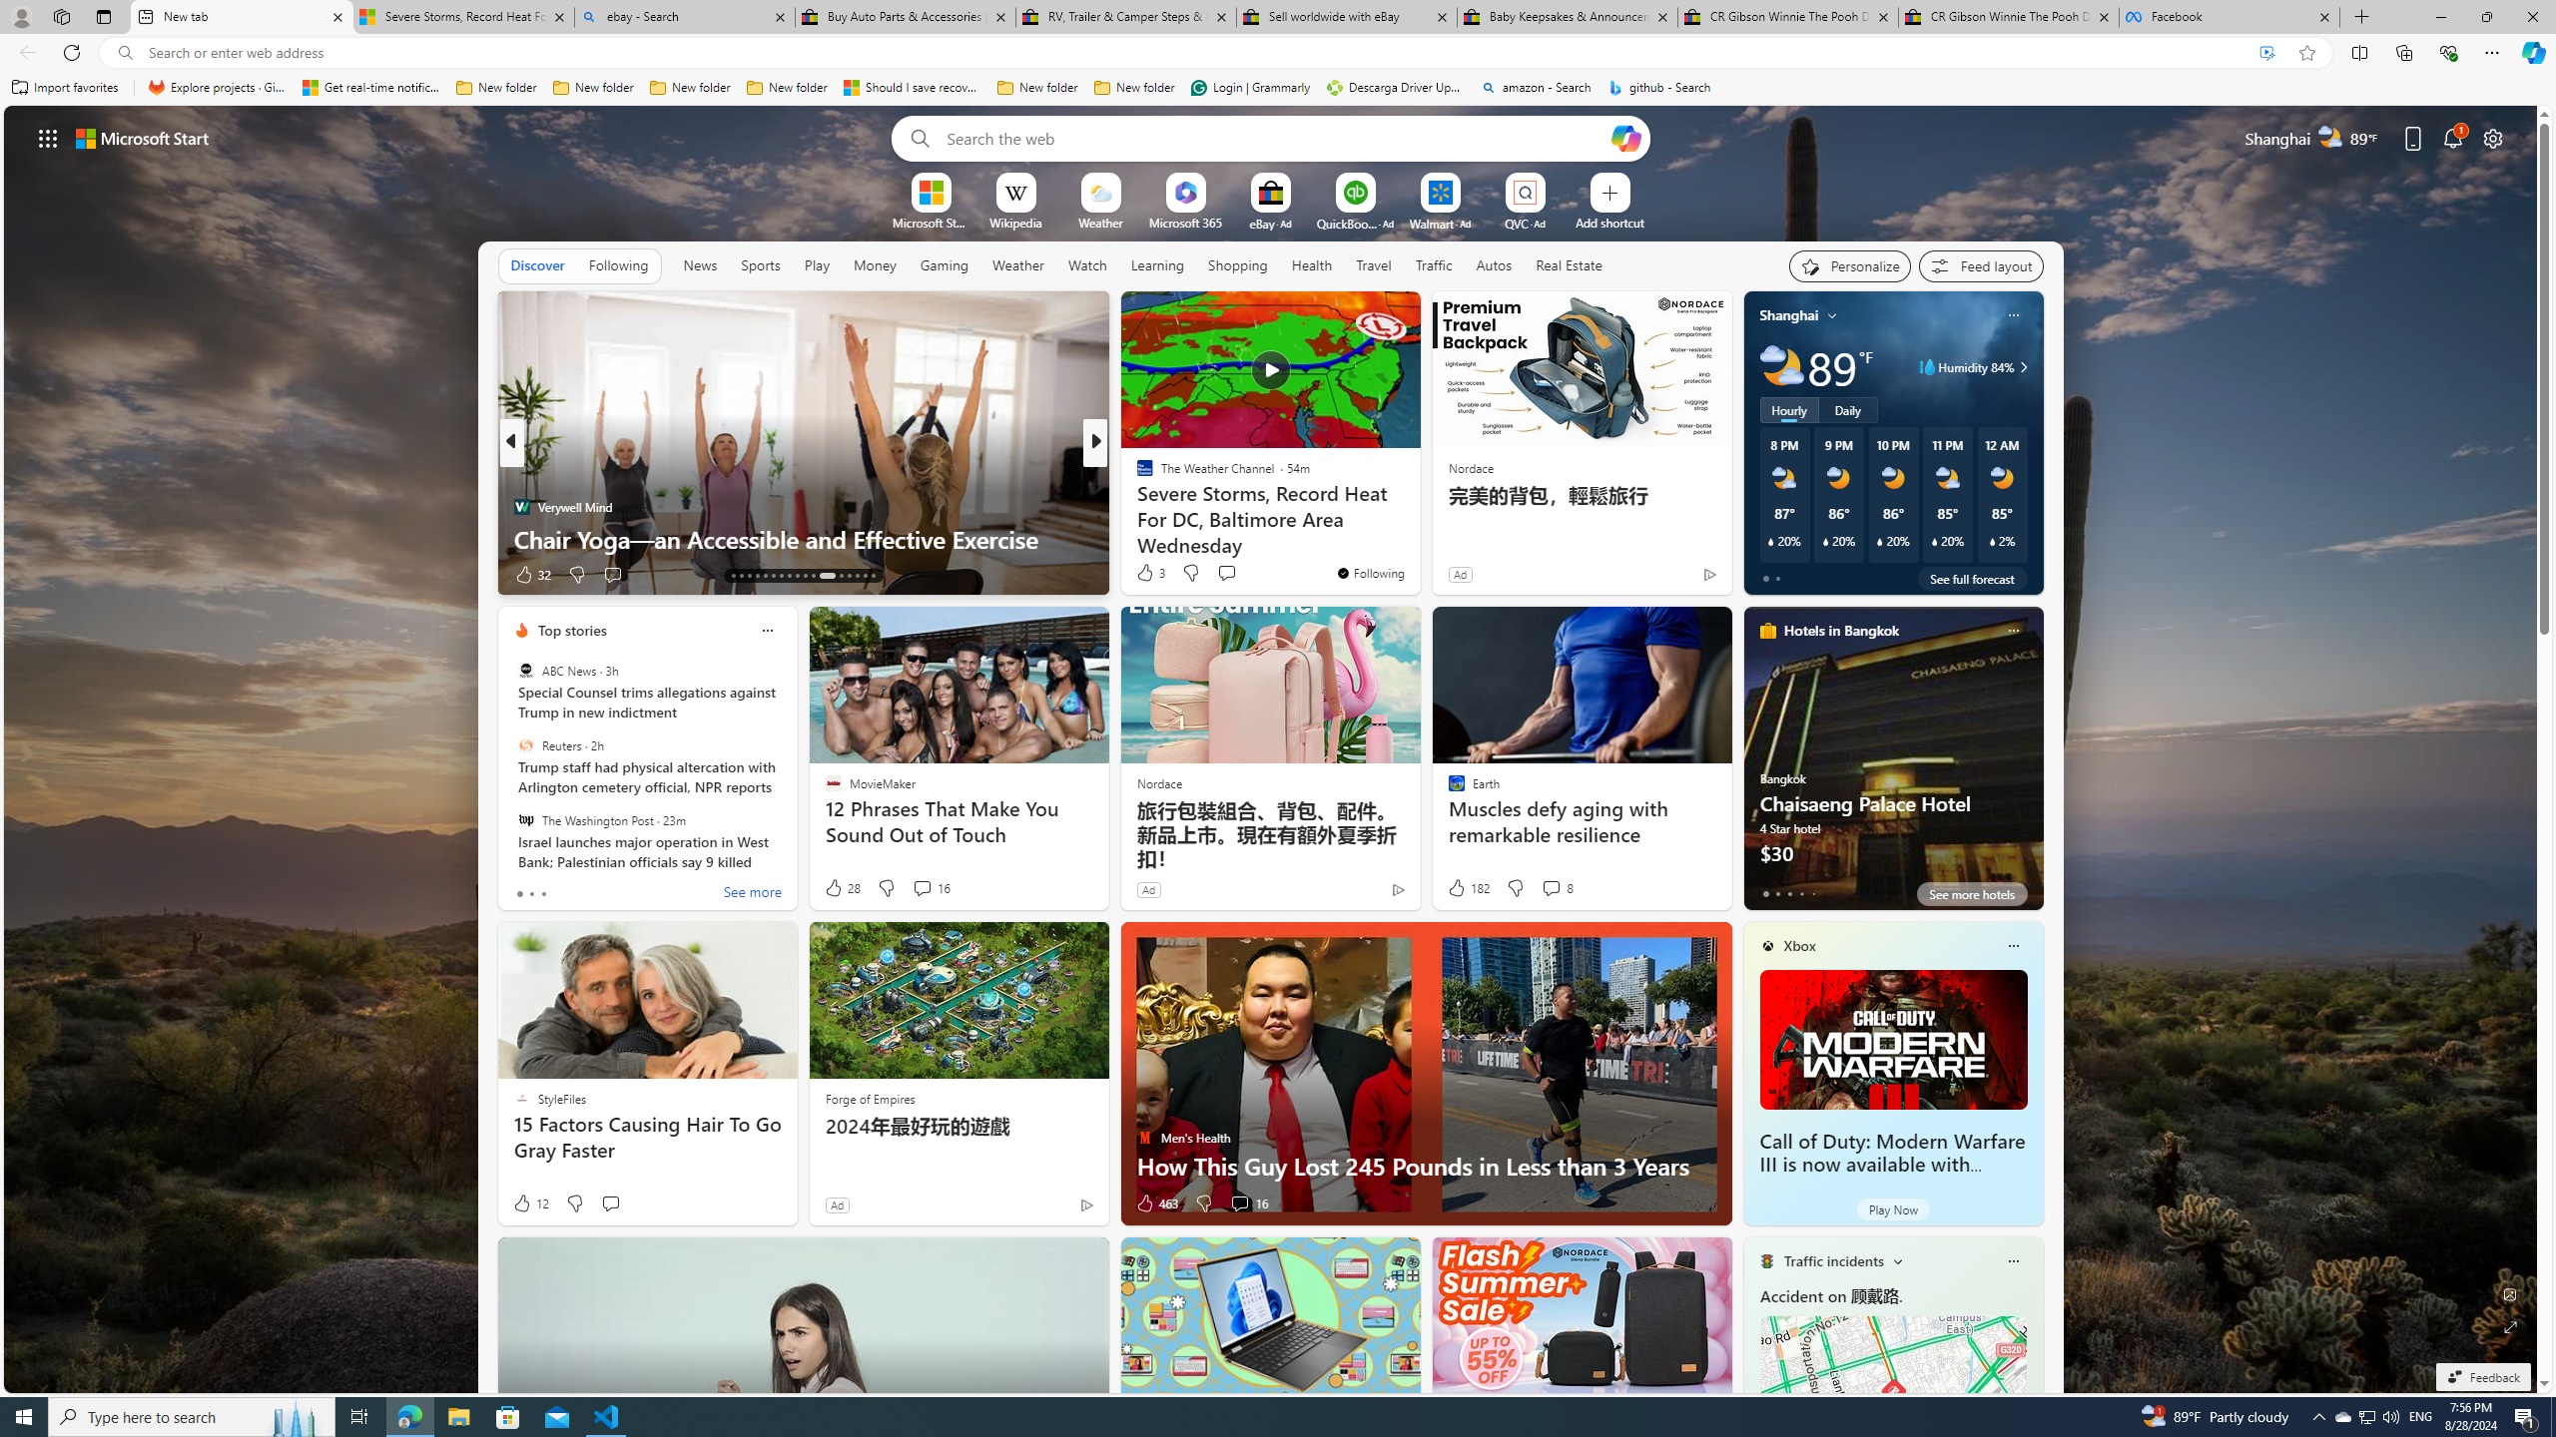  What do you see at coordinates (524, 818) in the screenshot?
I see `'The Washington Post'` at bounding box center [524, 818].